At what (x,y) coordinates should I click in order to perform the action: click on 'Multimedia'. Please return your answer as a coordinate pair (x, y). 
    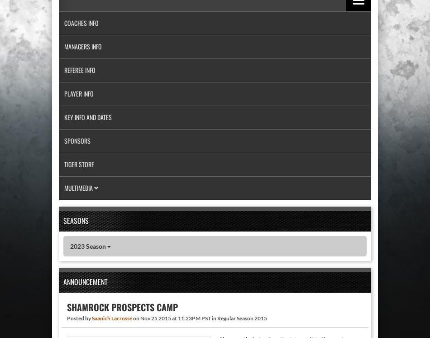
    Looking at the image, I should click on (79, 187).